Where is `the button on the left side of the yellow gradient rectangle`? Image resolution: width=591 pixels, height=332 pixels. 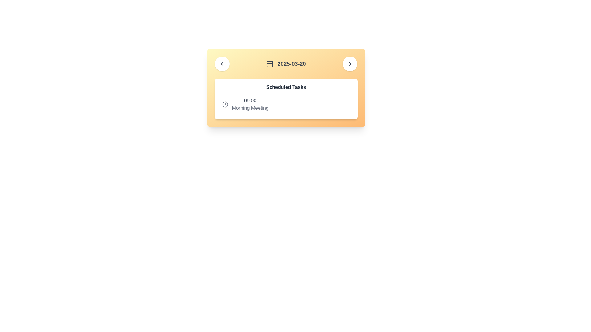 the button on the left side of the yellow gradient rectangle is located at coordinates (222, 64).